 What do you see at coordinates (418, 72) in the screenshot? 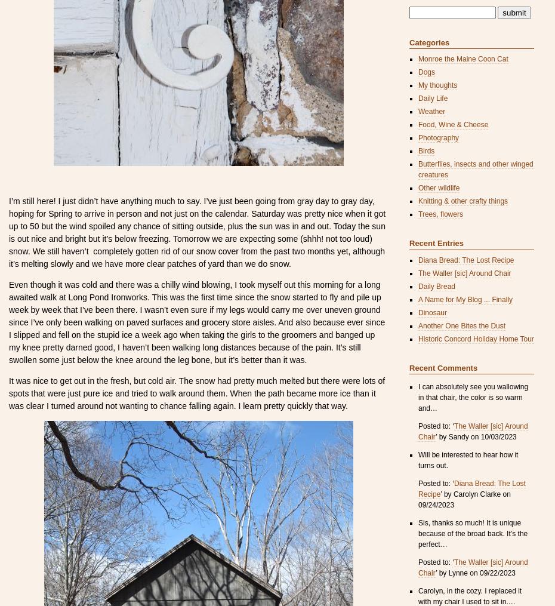
I see `'Dogs'` at bounding box center [418, 72].